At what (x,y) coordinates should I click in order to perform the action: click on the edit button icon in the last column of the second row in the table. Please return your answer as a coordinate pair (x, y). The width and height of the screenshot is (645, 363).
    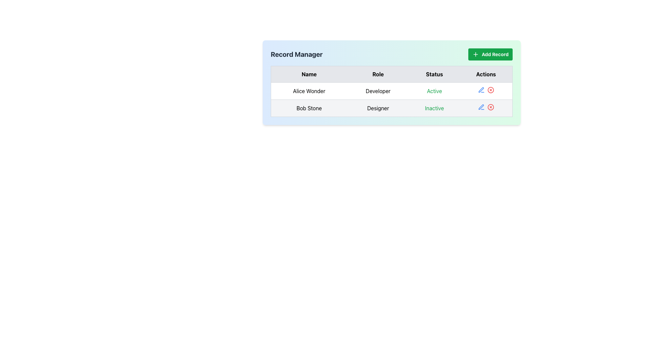
    Looking at the image, I should click on (480, 106).